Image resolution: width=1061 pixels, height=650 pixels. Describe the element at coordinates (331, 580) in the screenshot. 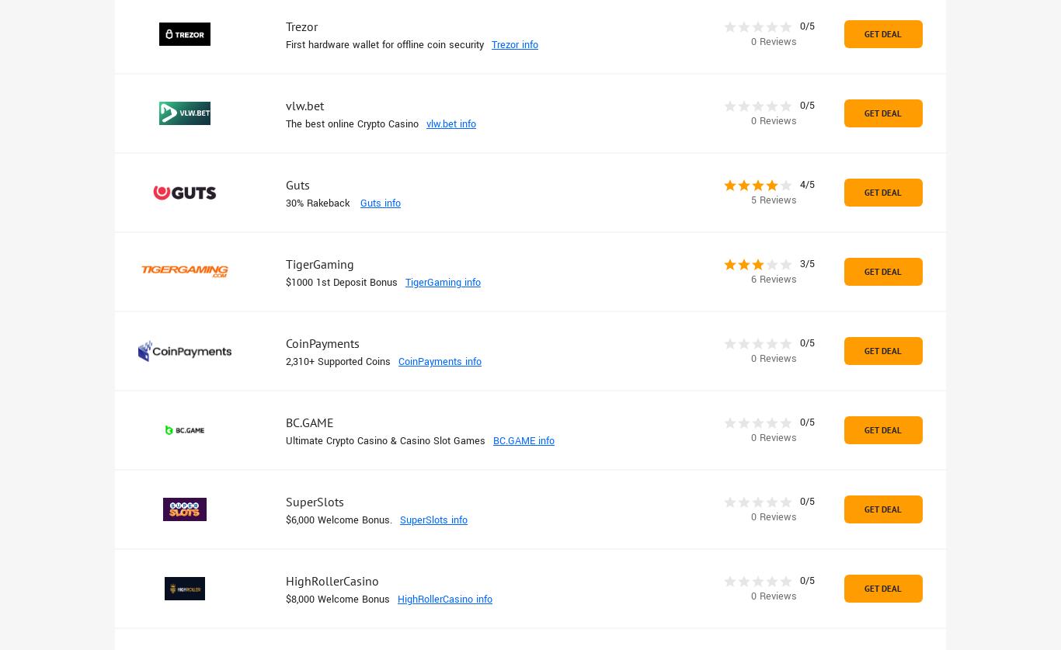

I see `'HighRollerCasino'` at that location.